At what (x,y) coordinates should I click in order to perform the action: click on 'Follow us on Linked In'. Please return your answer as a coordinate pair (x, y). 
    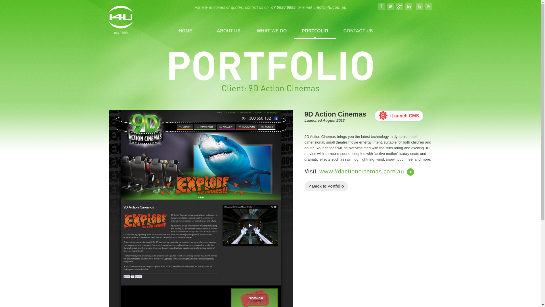
    Looking at the image, I should click on (408, 6).